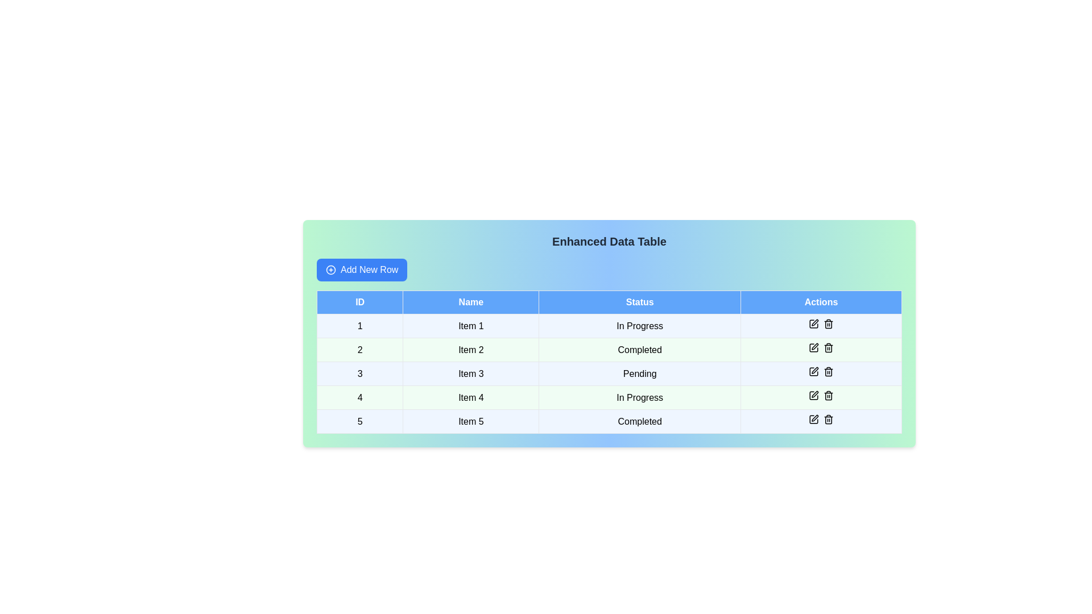 This screenshot has width=1092, height=614. Describe the element at coordinates (814, 346) in the screenshot. I see `the Edit icon, which is represented by a pen or pencil stroke located in the 'Actions' column for 'Item 2'` at that location.